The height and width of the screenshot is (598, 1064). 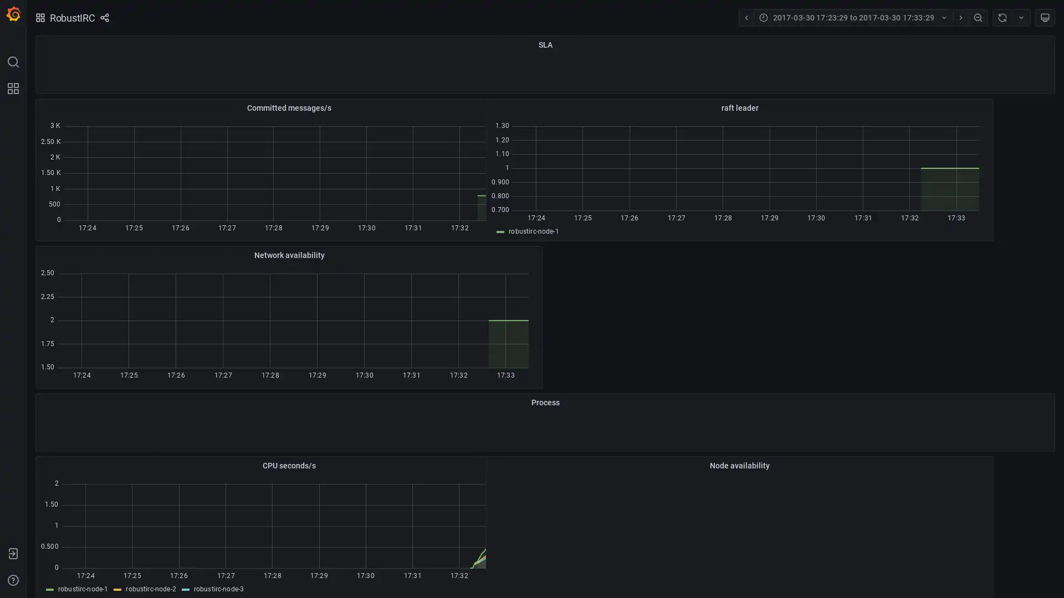 What do you see at coordinates (745, 17) in the screenshot?
I see `Move time range backwards` at bounding box center [745, 17].